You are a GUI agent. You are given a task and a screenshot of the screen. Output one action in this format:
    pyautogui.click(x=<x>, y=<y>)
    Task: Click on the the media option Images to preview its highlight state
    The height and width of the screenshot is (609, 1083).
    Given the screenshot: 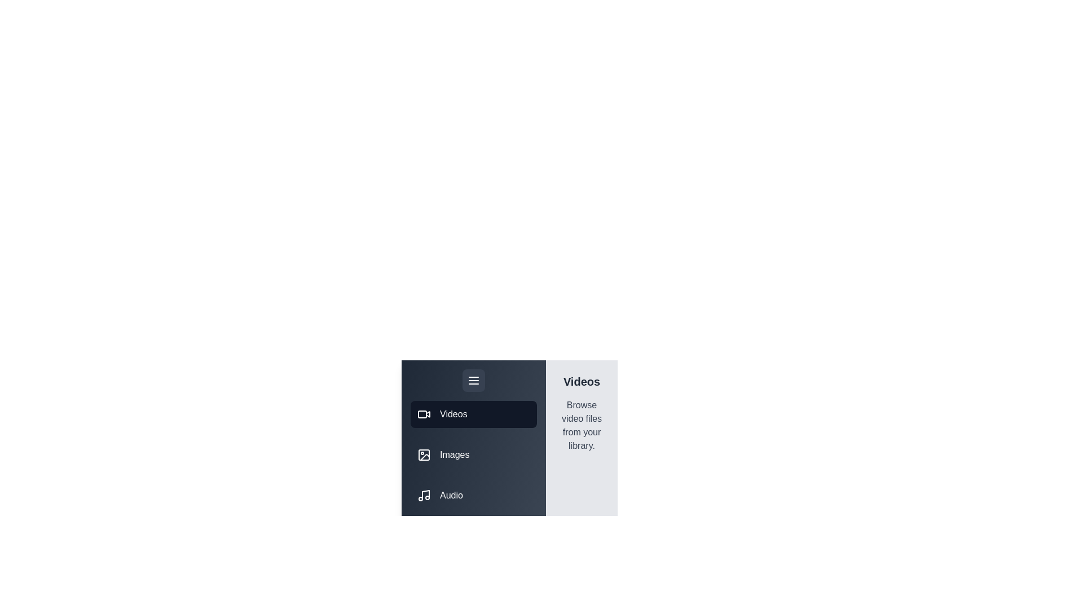 What is the action you would take?
    pyautogui.click(x=474, y=454)
    